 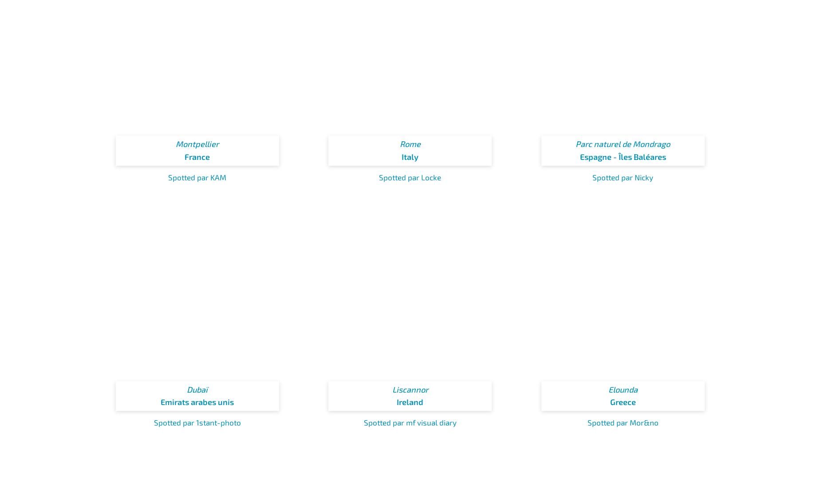 I want to click on 'Spotted par Nicky', so click(x=623, y=177).